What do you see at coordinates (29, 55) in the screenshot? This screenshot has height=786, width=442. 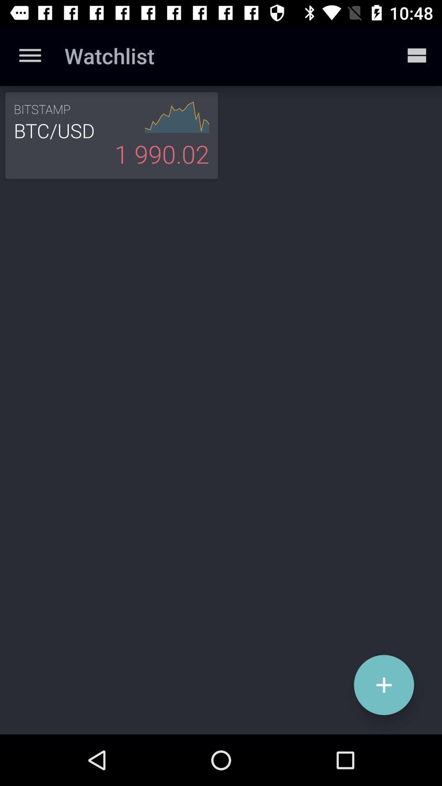 I see `item next to the watchlist` at bounding box center [29, 55].